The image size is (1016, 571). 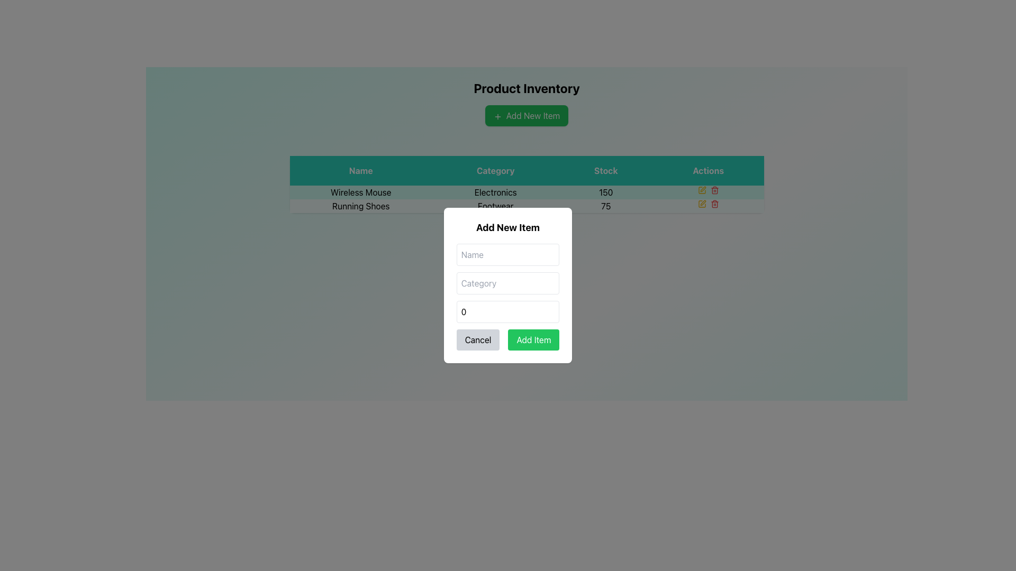 I want to click on the action icon for the 'Wireless Mouse' entry in the table, so click(x=708, y=189).